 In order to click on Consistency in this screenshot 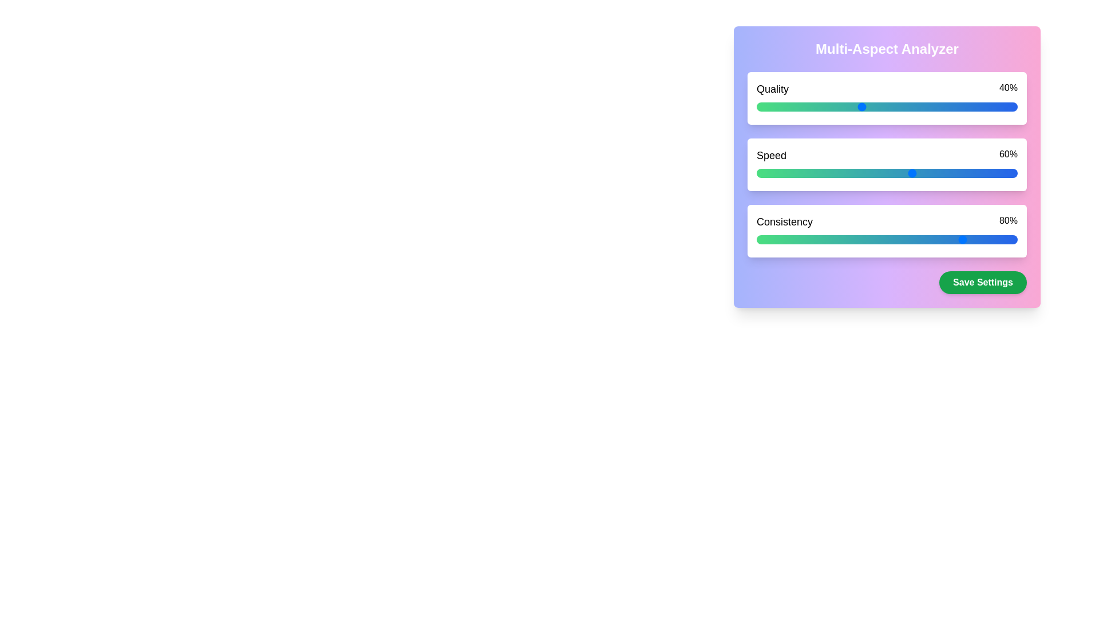, I will do `click(843, 239)`.